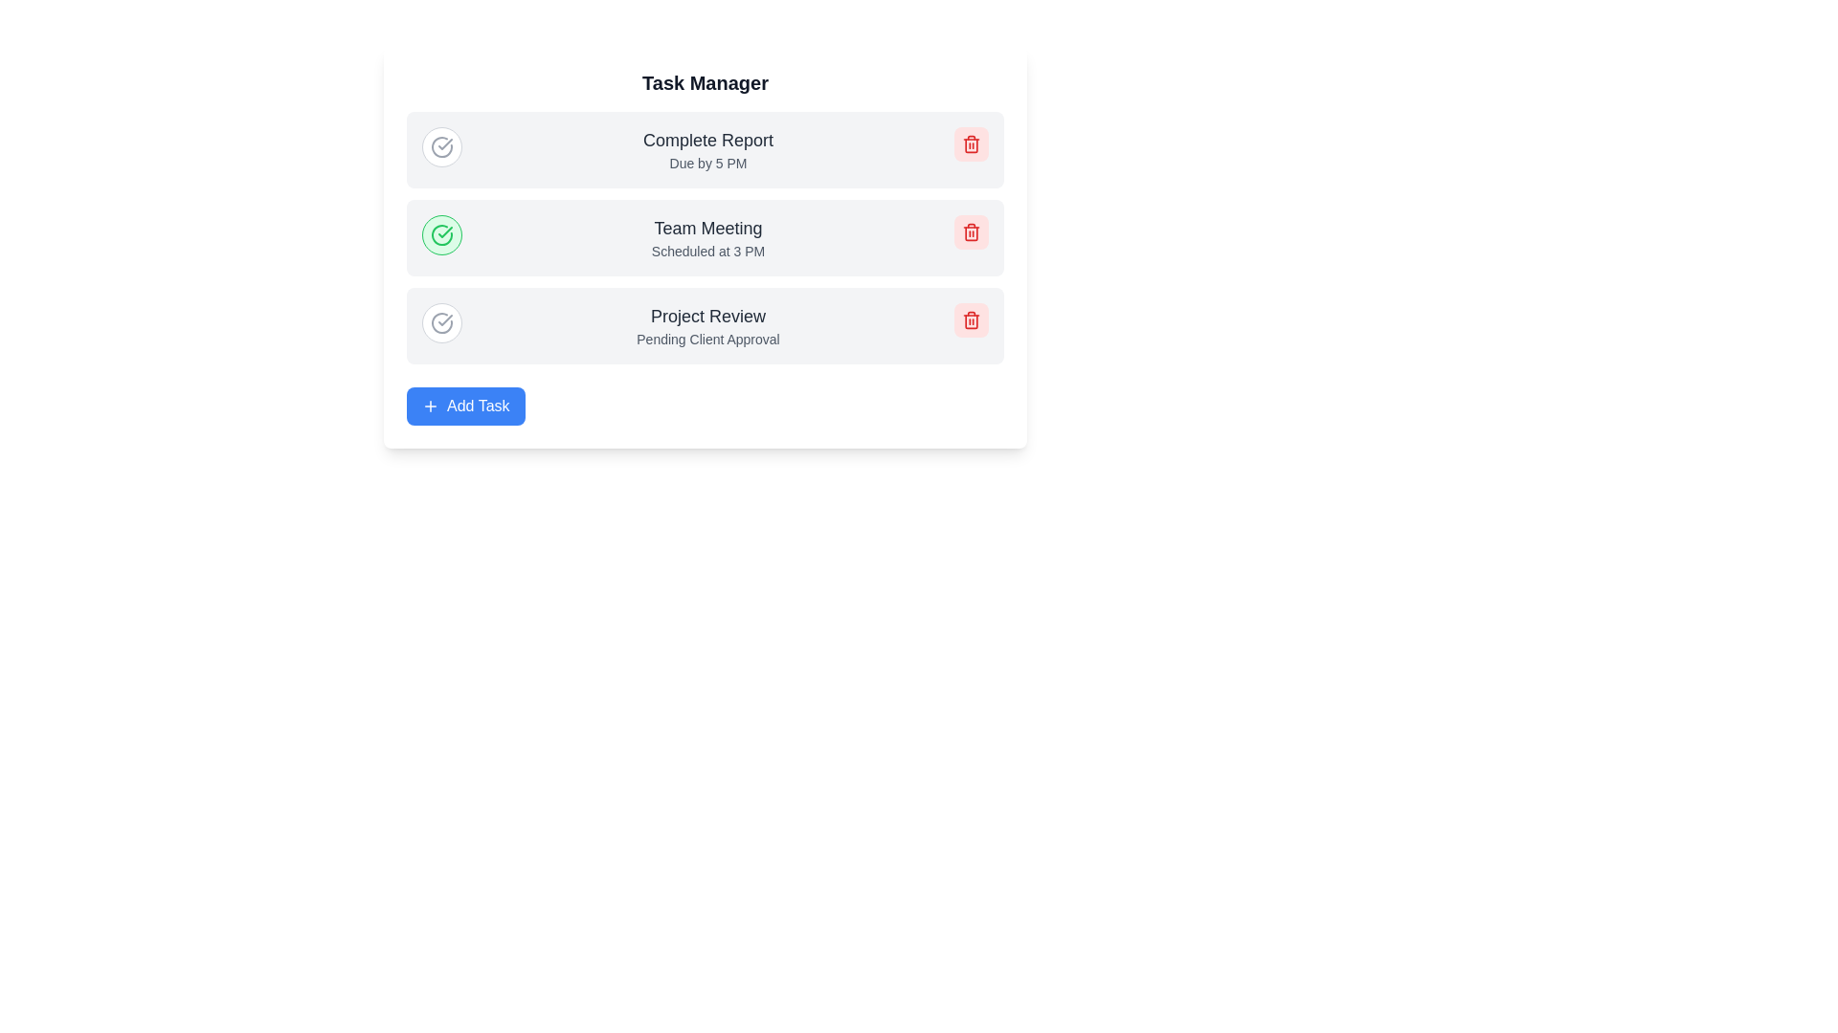  I want to click on the SVG icon indicating the status of the task, which is the first icon in the first column of the task list, positioned to the left of the 'Complete Report' text, so click(440, 146).